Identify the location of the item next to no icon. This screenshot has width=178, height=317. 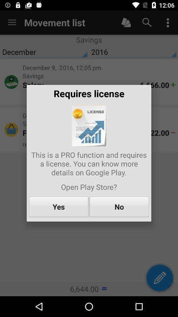
(59, 206).